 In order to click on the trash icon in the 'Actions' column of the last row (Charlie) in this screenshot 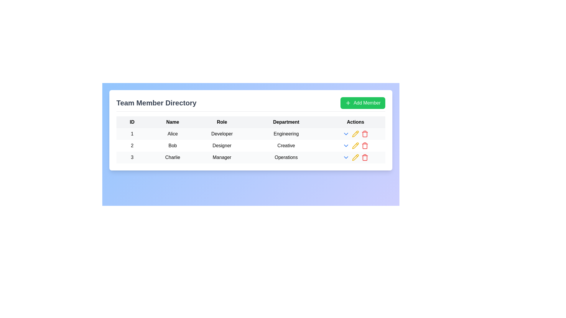, I will do `click(365, 146)`.